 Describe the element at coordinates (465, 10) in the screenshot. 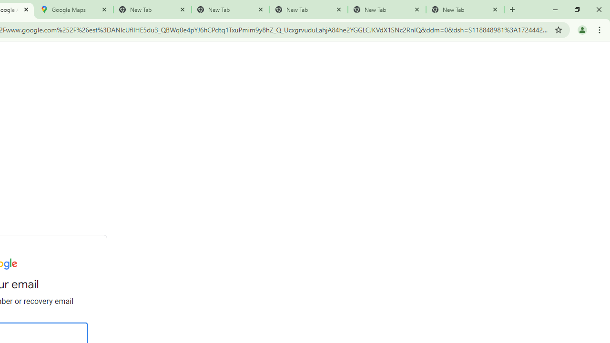

I see `'New Tab'` at that location.